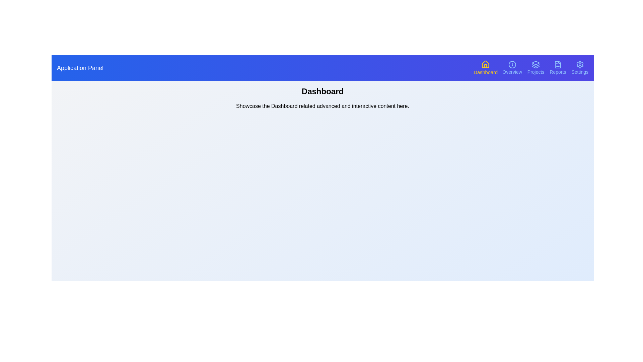 The height and width of the screenshot is (362, 643). I want to click on the navigation button corresponding to Projects, so click(536, 68).